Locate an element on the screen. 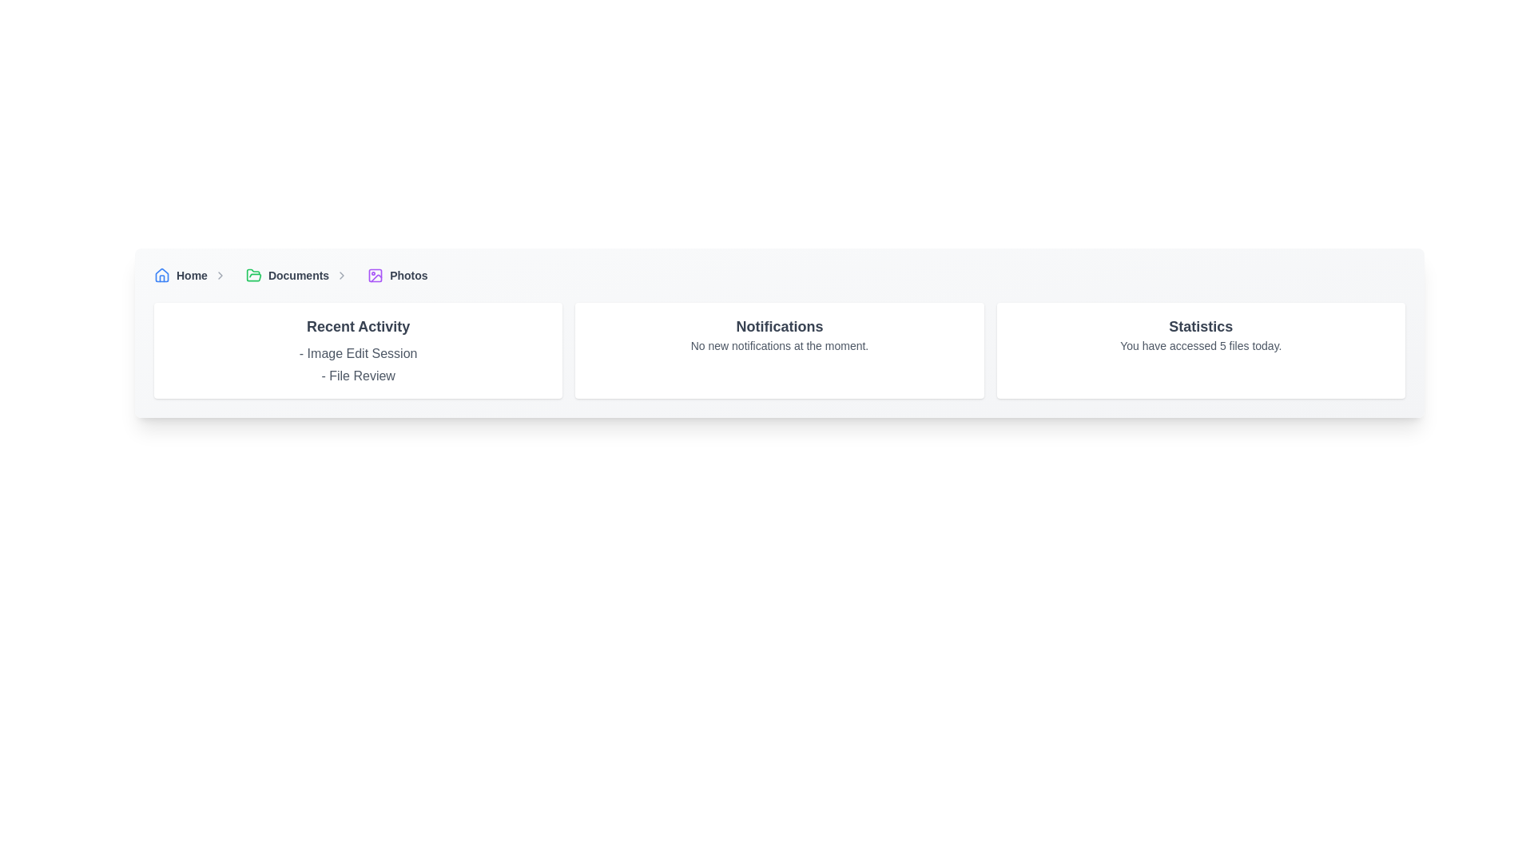 The height and width of the screenshot is (863, 1534). the purple icon that resembles an image, located directly before the text 'Photos' in the breadcrumb navigation bar is located at coordinates (375, 274).